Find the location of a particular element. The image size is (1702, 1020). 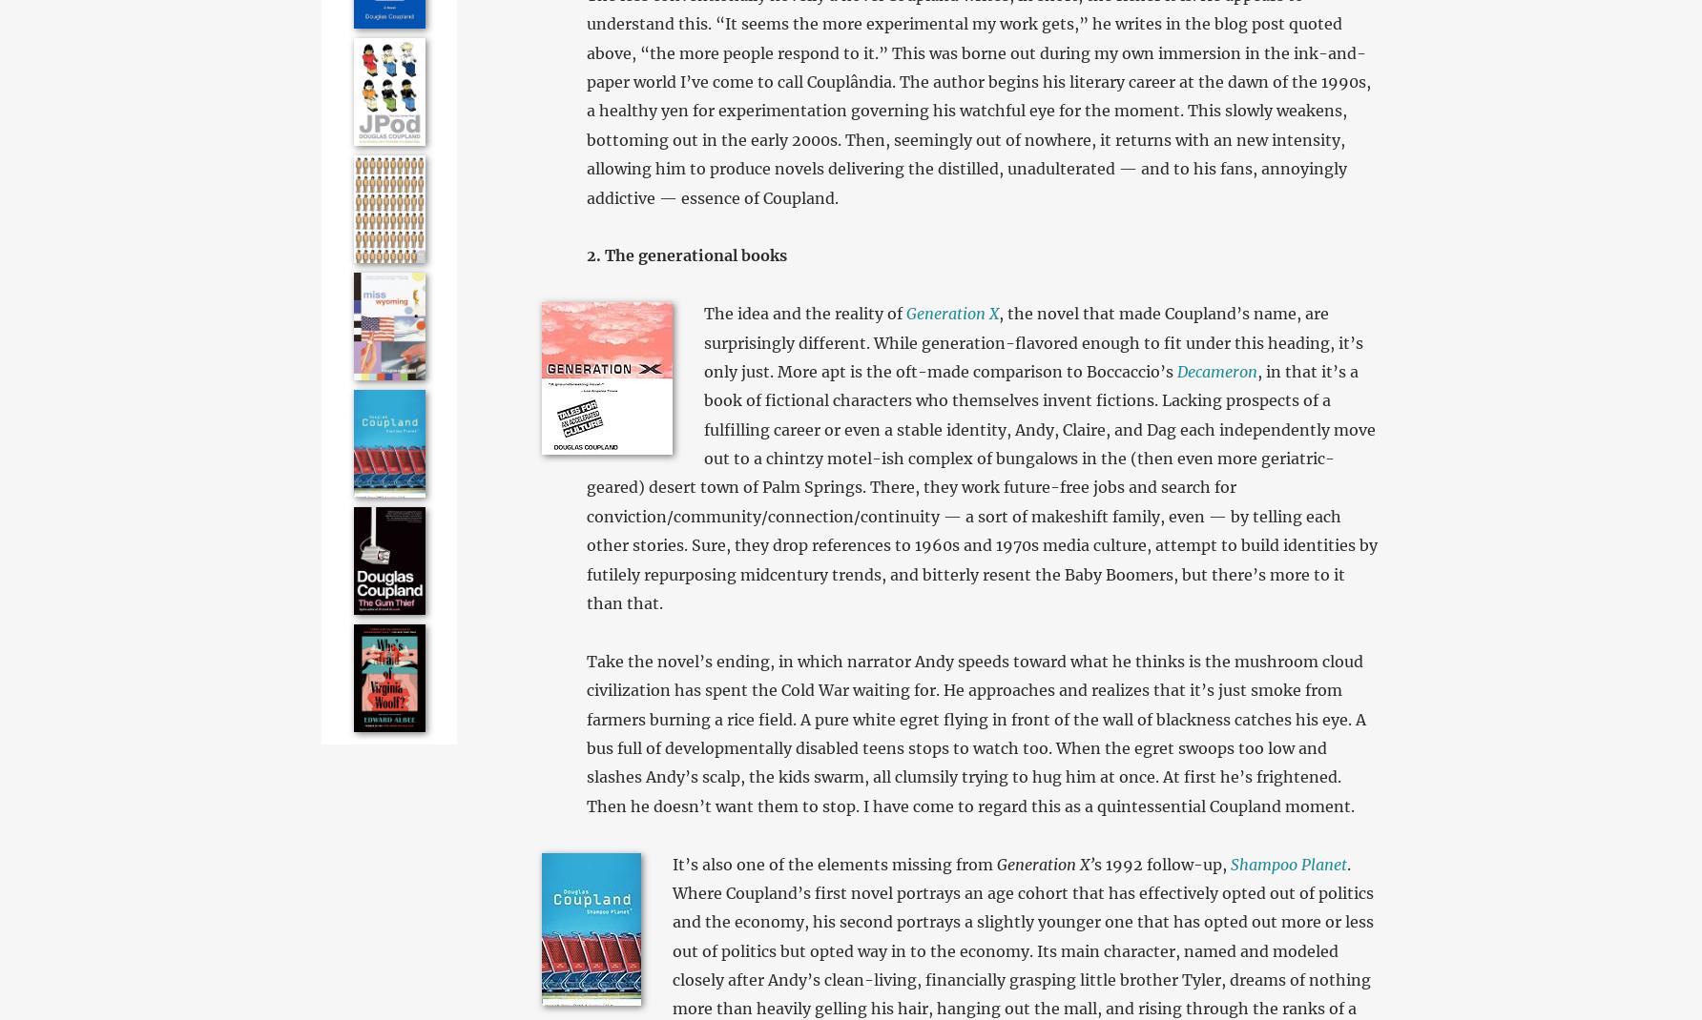

'Decameron' is located at coordinates (1174, 370).